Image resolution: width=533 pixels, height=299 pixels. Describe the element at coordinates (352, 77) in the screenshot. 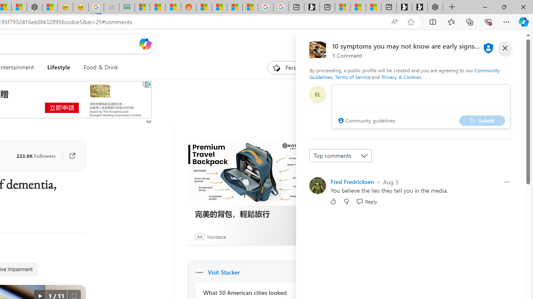

I see `'Terms of Service'` at that location.